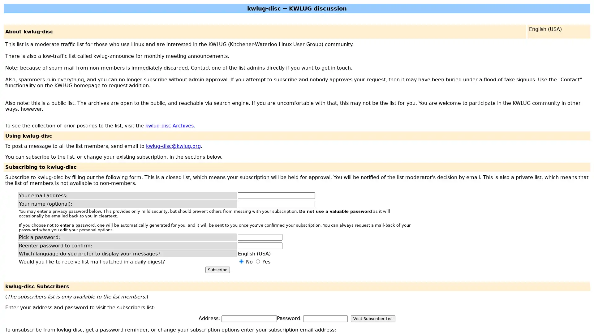  Describe the element at coordinates (372, 319) in the screenshot. I see `Visit Subscriber List` at that location.